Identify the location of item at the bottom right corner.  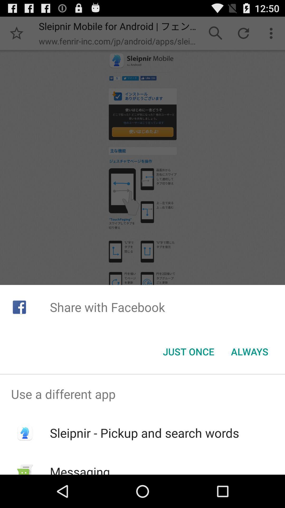
(249, 352).